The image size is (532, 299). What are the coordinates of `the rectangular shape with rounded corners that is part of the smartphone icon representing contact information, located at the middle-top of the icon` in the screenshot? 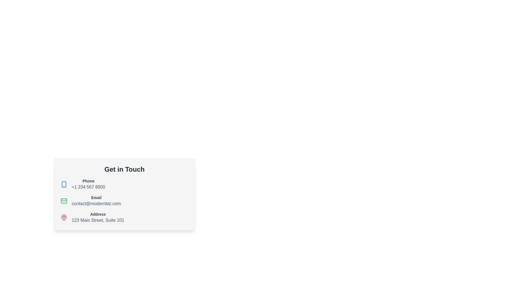 It's located at (64, 184).